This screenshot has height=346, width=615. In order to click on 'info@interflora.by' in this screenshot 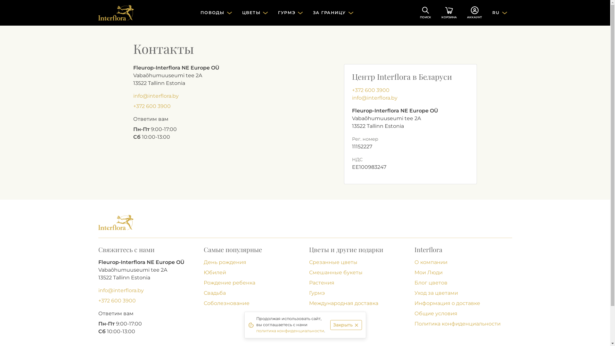, I will do `click(133, 96)`.